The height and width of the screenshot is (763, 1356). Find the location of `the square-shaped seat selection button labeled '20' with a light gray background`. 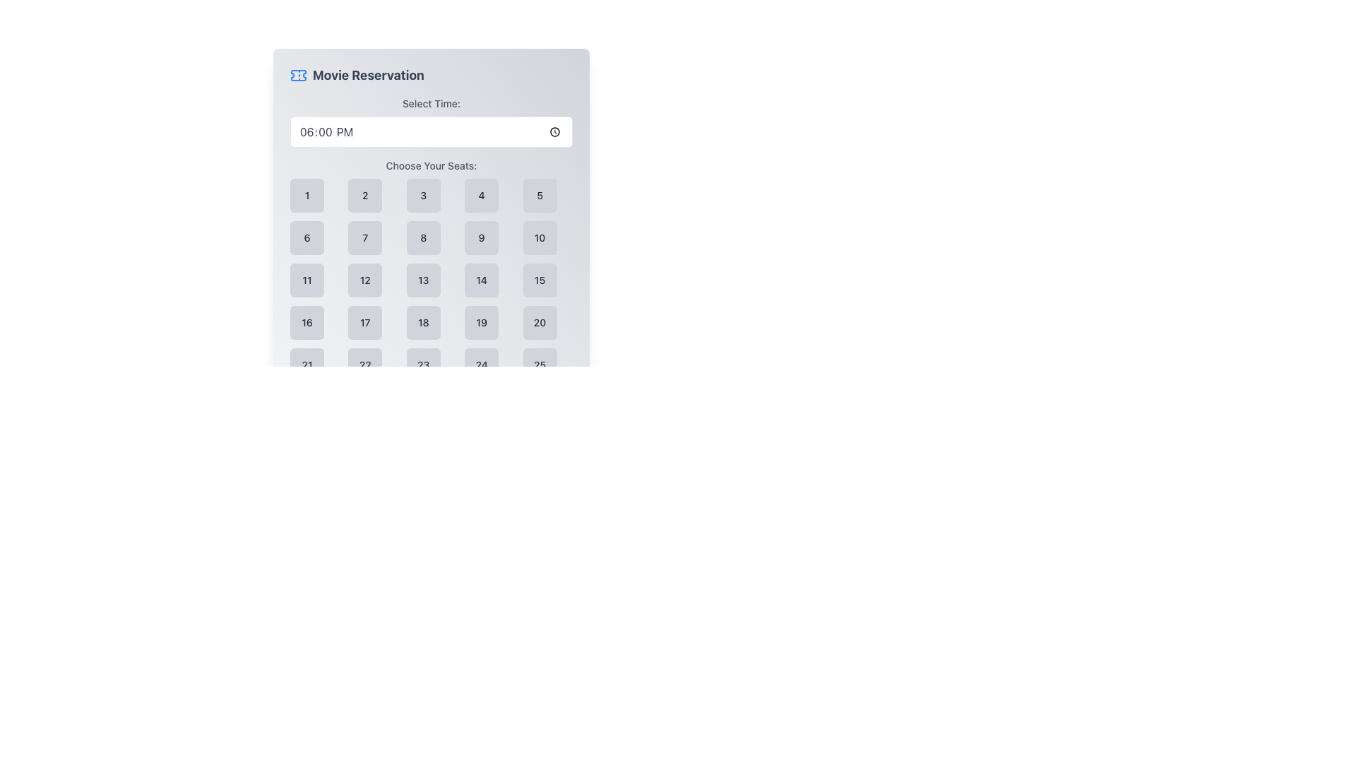

the square-shaped seat selection button labeled '20' with a light gray background is located at coordinates (539, 322).